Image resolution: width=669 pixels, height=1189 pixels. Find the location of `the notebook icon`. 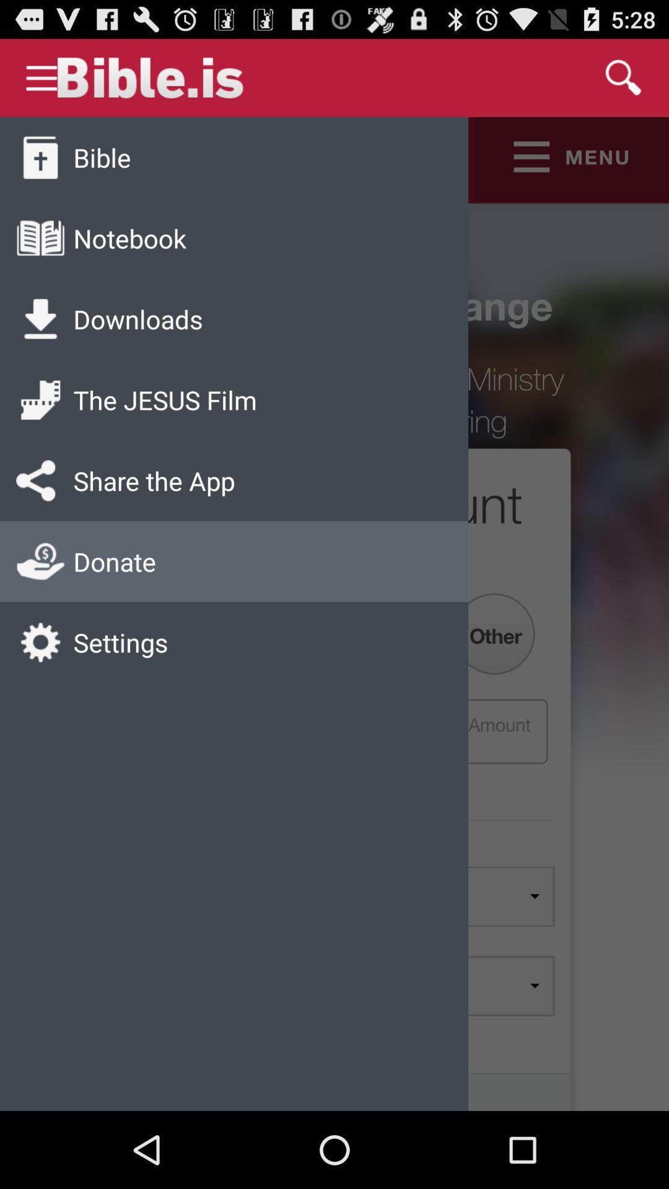

the notebook icon is located at coordinates (129, 238).